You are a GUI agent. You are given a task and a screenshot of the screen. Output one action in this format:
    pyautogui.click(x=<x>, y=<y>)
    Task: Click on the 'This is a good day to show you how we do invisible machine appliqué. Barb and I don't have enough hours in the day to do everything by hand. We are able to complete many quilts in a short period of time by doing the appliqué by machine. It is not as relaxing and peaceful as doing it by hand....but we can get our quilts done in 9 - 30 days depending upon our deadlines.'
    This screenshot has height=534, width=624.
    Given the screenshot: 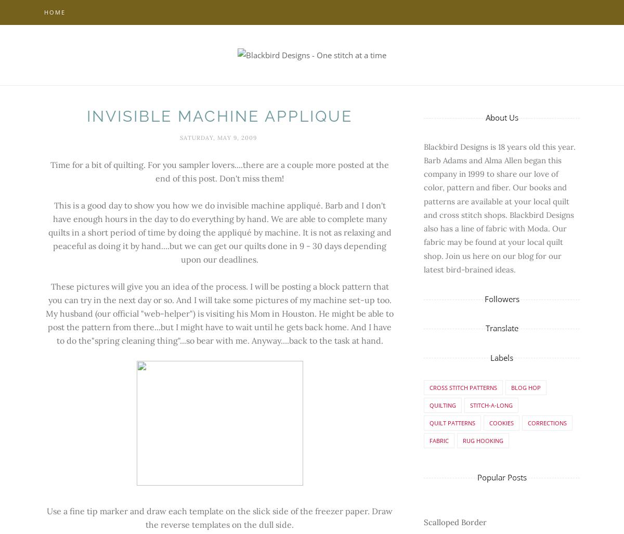 What is the action you would take?
    pyautogui.click(x=219, y=231)
    